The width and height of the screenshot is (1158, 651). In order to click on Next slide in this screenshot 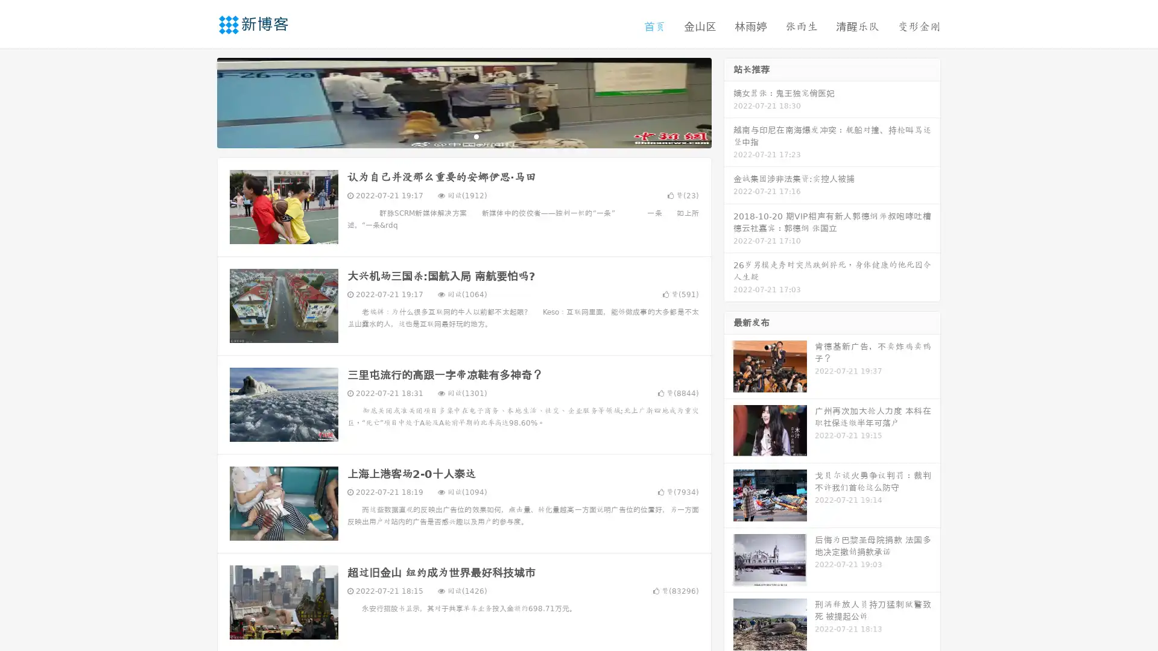, I will do `click(729, 101)`.